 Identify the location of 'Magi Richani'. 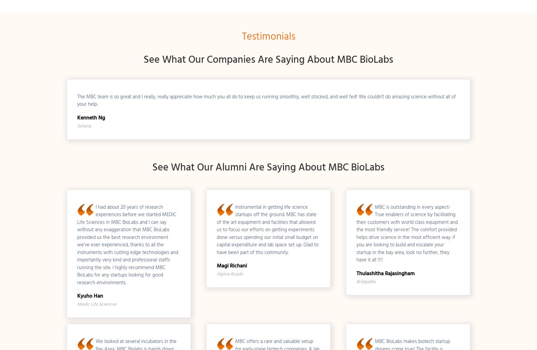
(232, 265).